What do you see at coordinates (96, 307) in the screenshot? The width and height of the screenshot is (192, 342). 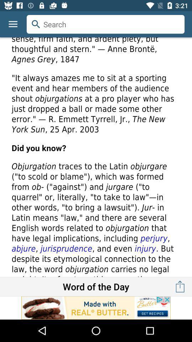 I see `advertisement page` at bounding box center [96, 307].